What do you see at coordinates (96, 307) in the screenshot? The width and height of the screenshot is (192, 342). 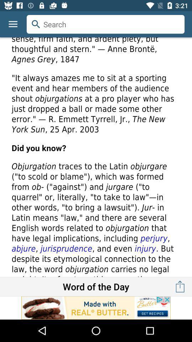 I see `advertisement page` at bounding box center [96, 307].